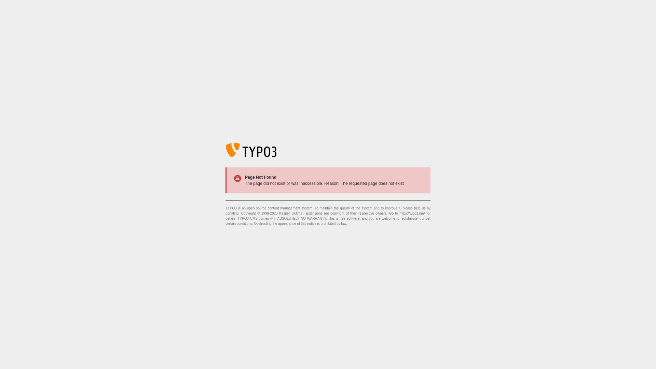 This screenshot has height=369, width=656. What do you see at coordinates (412, 213) in the screenshot?
I see `'https://typo3.org/'` at bounding box center [412, 213].